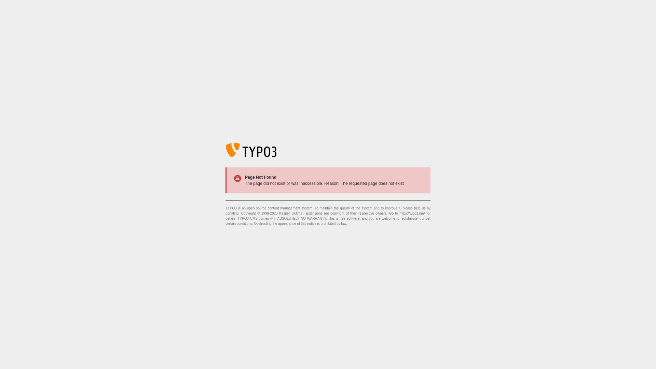 This screenshot has height=369, width=656. What do you see at coordinates (412, 213) in the screenshot?
I see `'https://typo3.org/'` at bounding box center [412, 213].